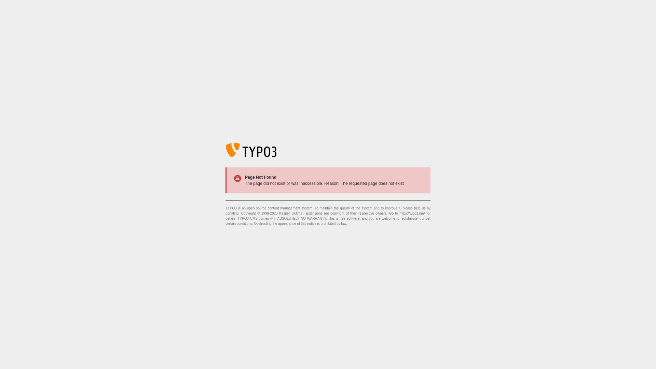 This screenshot has height=369, width=656. What do you see at coordinates (412, 213) in the screenshot?
I see `'https://typo3.org/'` at bounding box center [412, 213].